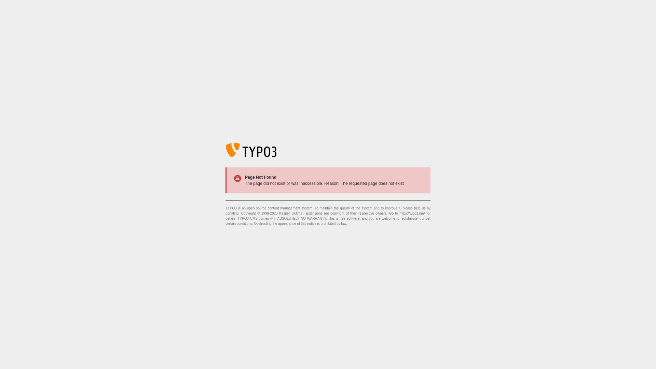 This screenshot has height=369, width=656. What do you see at coordinates (412, 213) in the screenshot?
I see `'https://typo3.org/'` at bounding box center [412, 213].